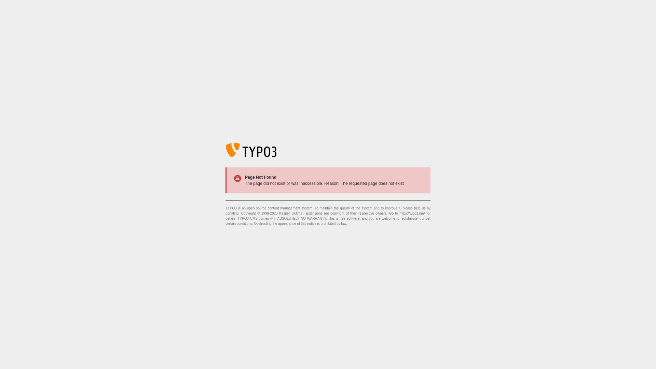 This screenshot has height=369, width=656. What do you see at coordinates (412, 213) in the screenshot?
I see `'https://typo3.org/'` at bounding box center [412, 213].